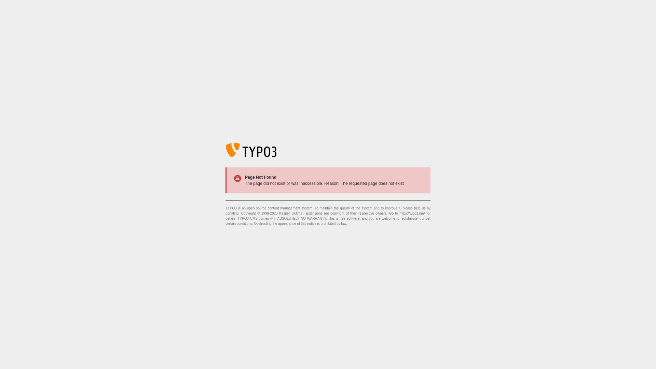 This screenshot has height=369, width=656. What do you see at coordinates (412, 213) in the screenshot?
I see `'https://typo3.org/'` at bounding box center [412, 213].